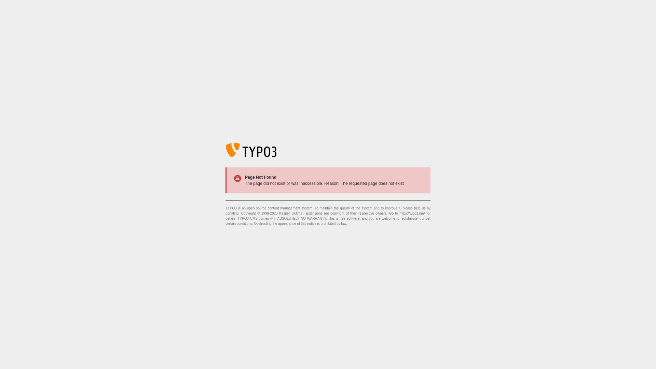 This screenshot has height=369, width=656. What do you see at coordinates (412, 213) in the screenshot?
I see `'https://typo3.org/'` at bounding box center [412, 213].